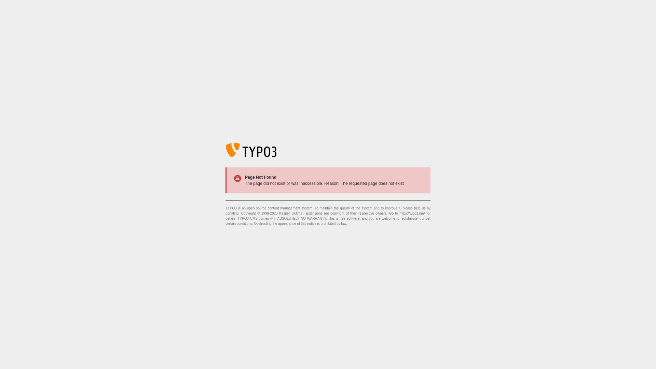 This screenshot has height=369, width=656. What do you see at coordinates (412, 213) in the screenshot?
I see `'https://typo3.org/'` at bounding box center [412, 213].